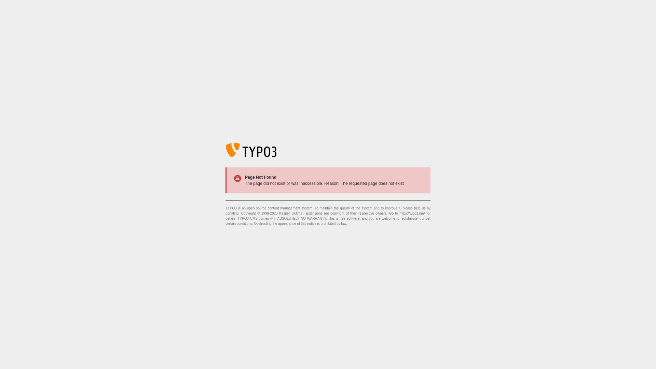 This screenshot has height=369, width=656. What do you see at coordinates (412, 213) in the screenshot?
I see `'https://typo3.org/'` at bounding box center [412, 213].